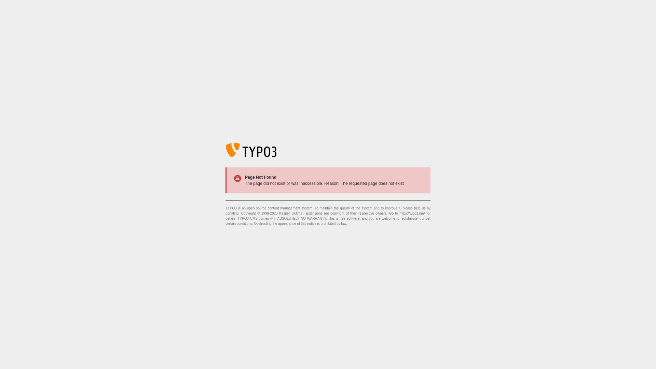 This screenshot has height=369, width=656. What do you see at coordinates (412, 213) in the screenshot?
I see `'https://typo3.org/'` at bounding box center [412, 213].